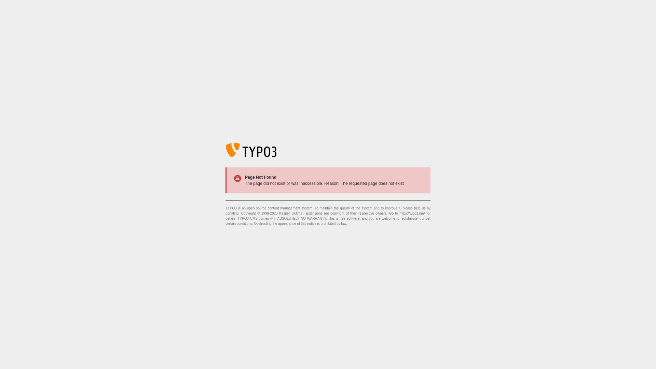 This screenshot has height=369, width=656. What do you see at coordinates (412, 213) in the screenshot?
I see `'https://typo3.org/'` at bounding box center [412, 213].